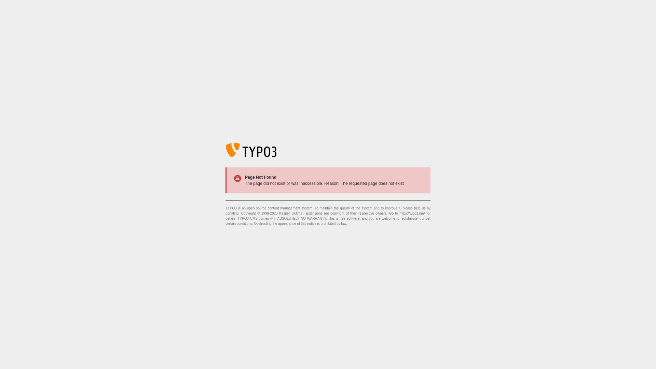 This screenshot has height=369, width=656. What do you see at coordinates (412, 213) in the screenshot?
I see `'https://typo3.org/'` at bounding box center [412, 213].